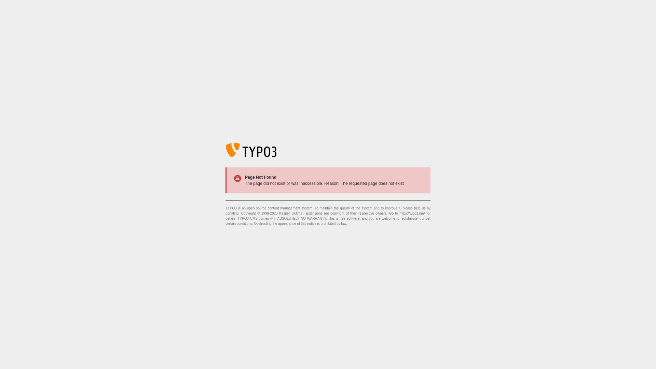 This screenshot has height=369, width=656. What do you see at coordinates (412, 213) in the screenshot?
I see `'https://typo3.org/'` at bounding box center [412, 213].